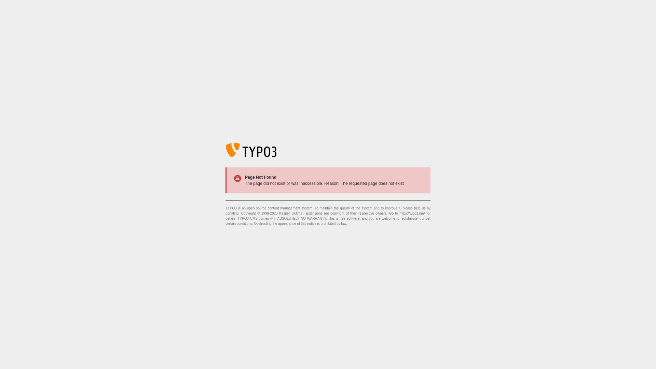 This screenshot has height=369, width=656. What do you see at coordinates (412, 213) in the screenshot?
I see `'https://typo3.org/'` at bounding box center [412, 213].